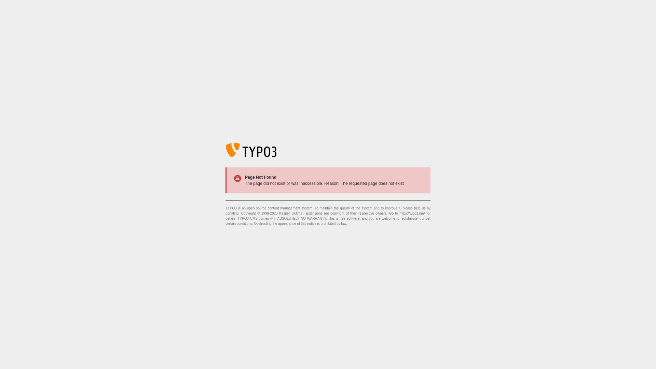 This screenshot has height=369, width=656. What do you see at coordinates (412, 213) in the screenshot?
I see `'https://typo3.org/'` at bounding box center [412, 213].